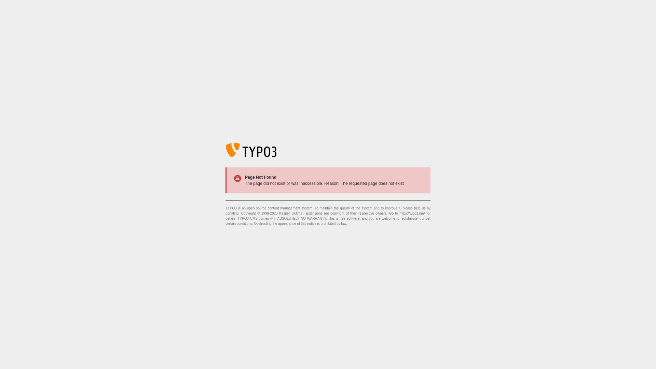 This screenshot has height=369, width=656. What do you see at coordinates (412, 213) in the screenshot?
I see `'https://typo3.org/'` at bounding box center [412, 213].